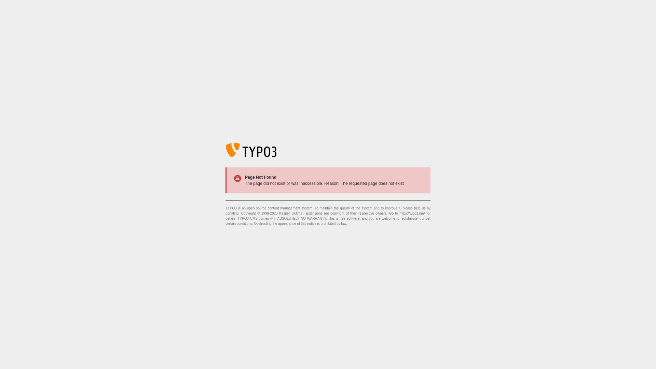 This screenshot has height=369, width=656. What do you see at coordinates (412, 213) in the screenshot?
I see `'https://typo3.org/'` at bounding box center [412, 213].